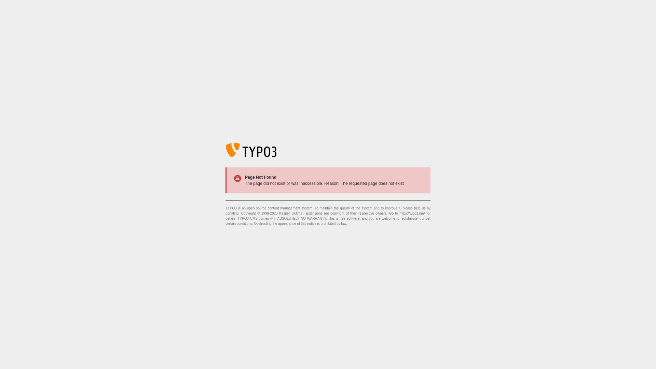 This screenshot has height=369, width=656. What do you see at coordinates (412, 213) in the screenshot?
I see `'https://typo3.org/'` at bounding box center [412, 213].